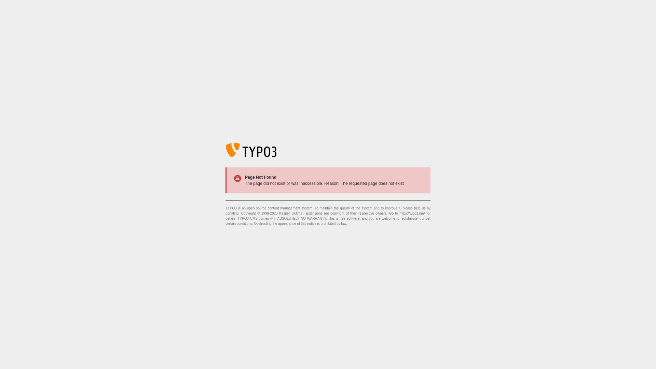 This screenshot has height=369, width=656. What do you see at coordinates (412, 213) in the screenshot?
I see `'https://typo3.org/'` at bounding box center [412, 213].